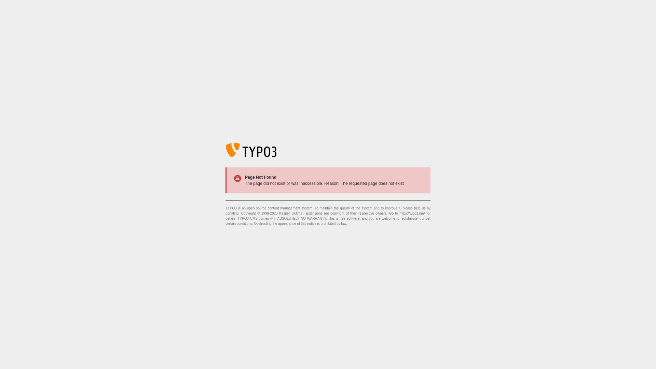 This screenshot has height=369, width=656. What do you see at coordinates (412, 213) in the screenshot?
I see `'https://typo3.org/'` at bounding box center [412, 213].